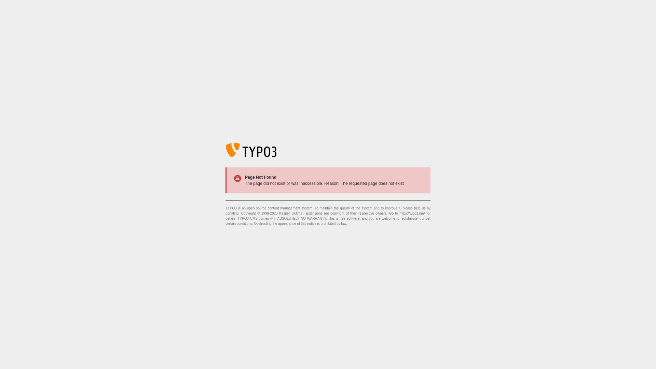 This screenshot has height=369, width=656. What do you see at coordinates (412, 213) in the screenshot?
I see `'https://typo3.org/'` at bounding box center [412, 213].